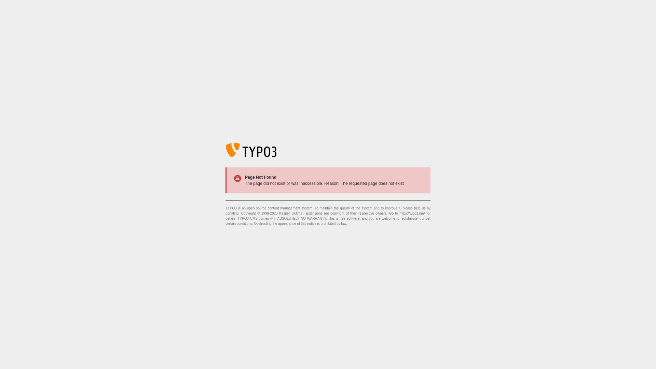 This screenshot has height=369, width=656. What do you see at coordinates (412, 213) in the screenshot?
I see `'https://typo3.org/'` at bounding box center [412, 213].